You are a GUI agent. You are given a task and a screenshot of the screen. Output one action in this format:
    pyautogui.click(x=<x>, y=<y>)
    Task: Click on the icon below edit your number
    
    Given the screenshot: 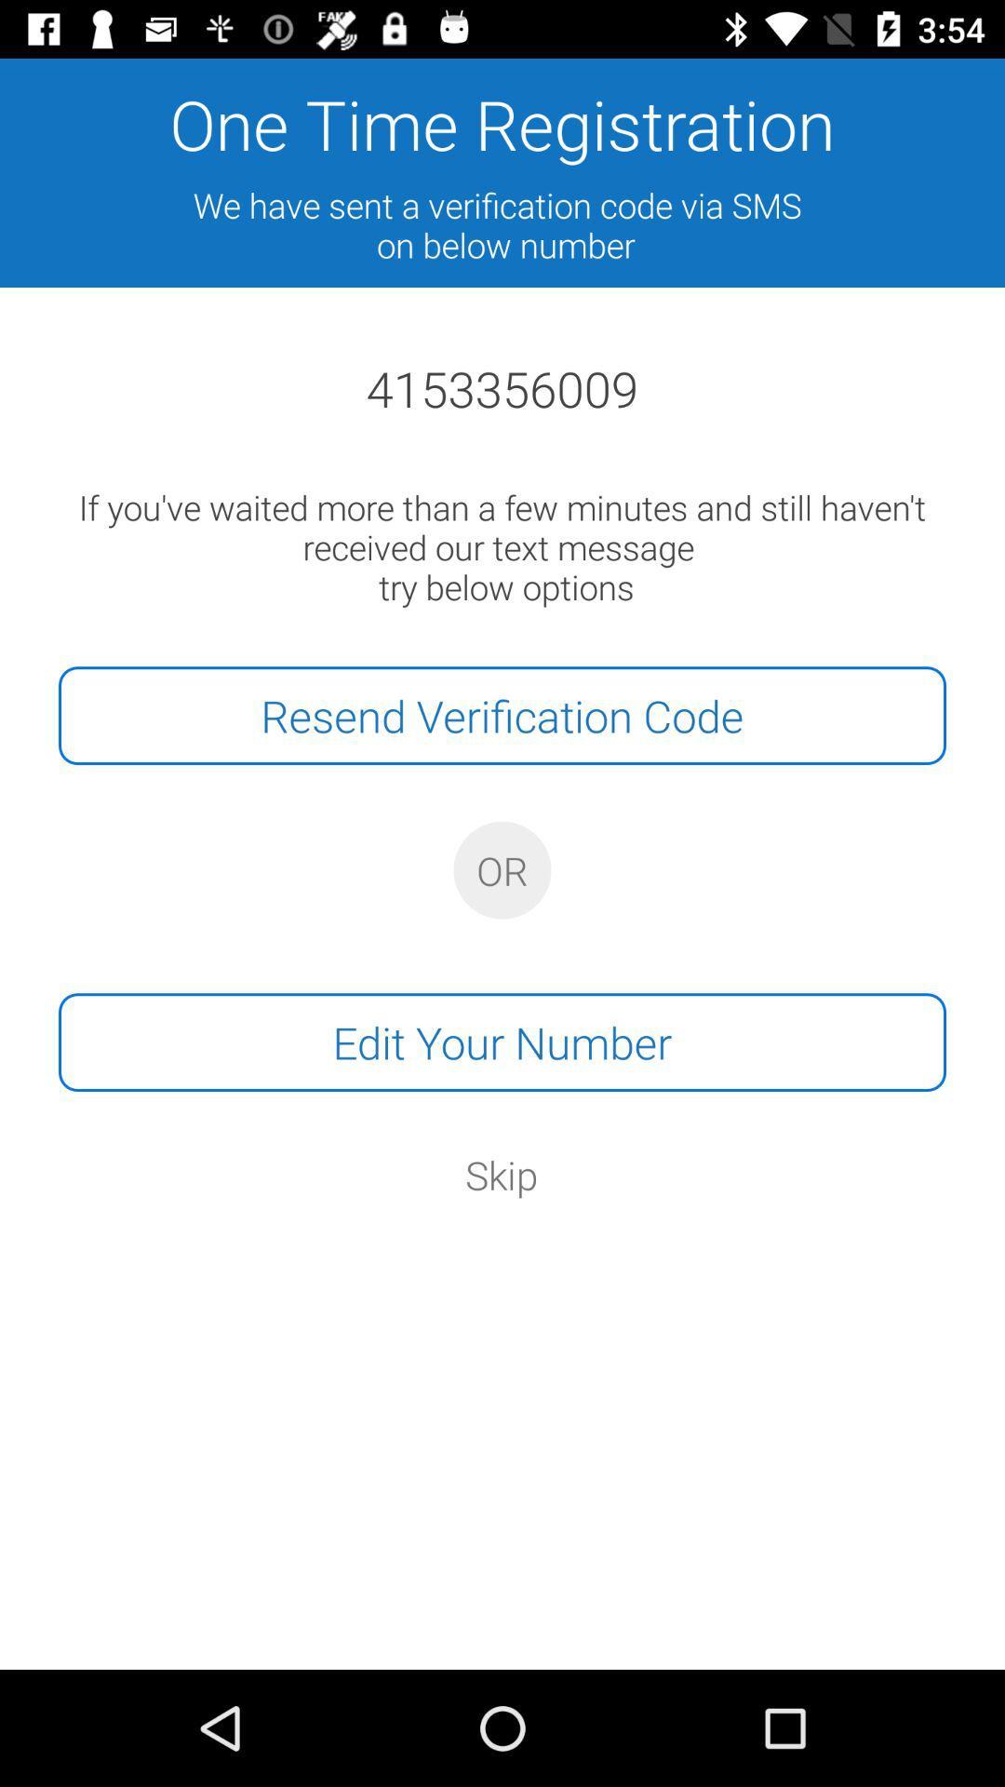 What is the action you would take?
    pyautogui.click(x=501, y=1174)
    